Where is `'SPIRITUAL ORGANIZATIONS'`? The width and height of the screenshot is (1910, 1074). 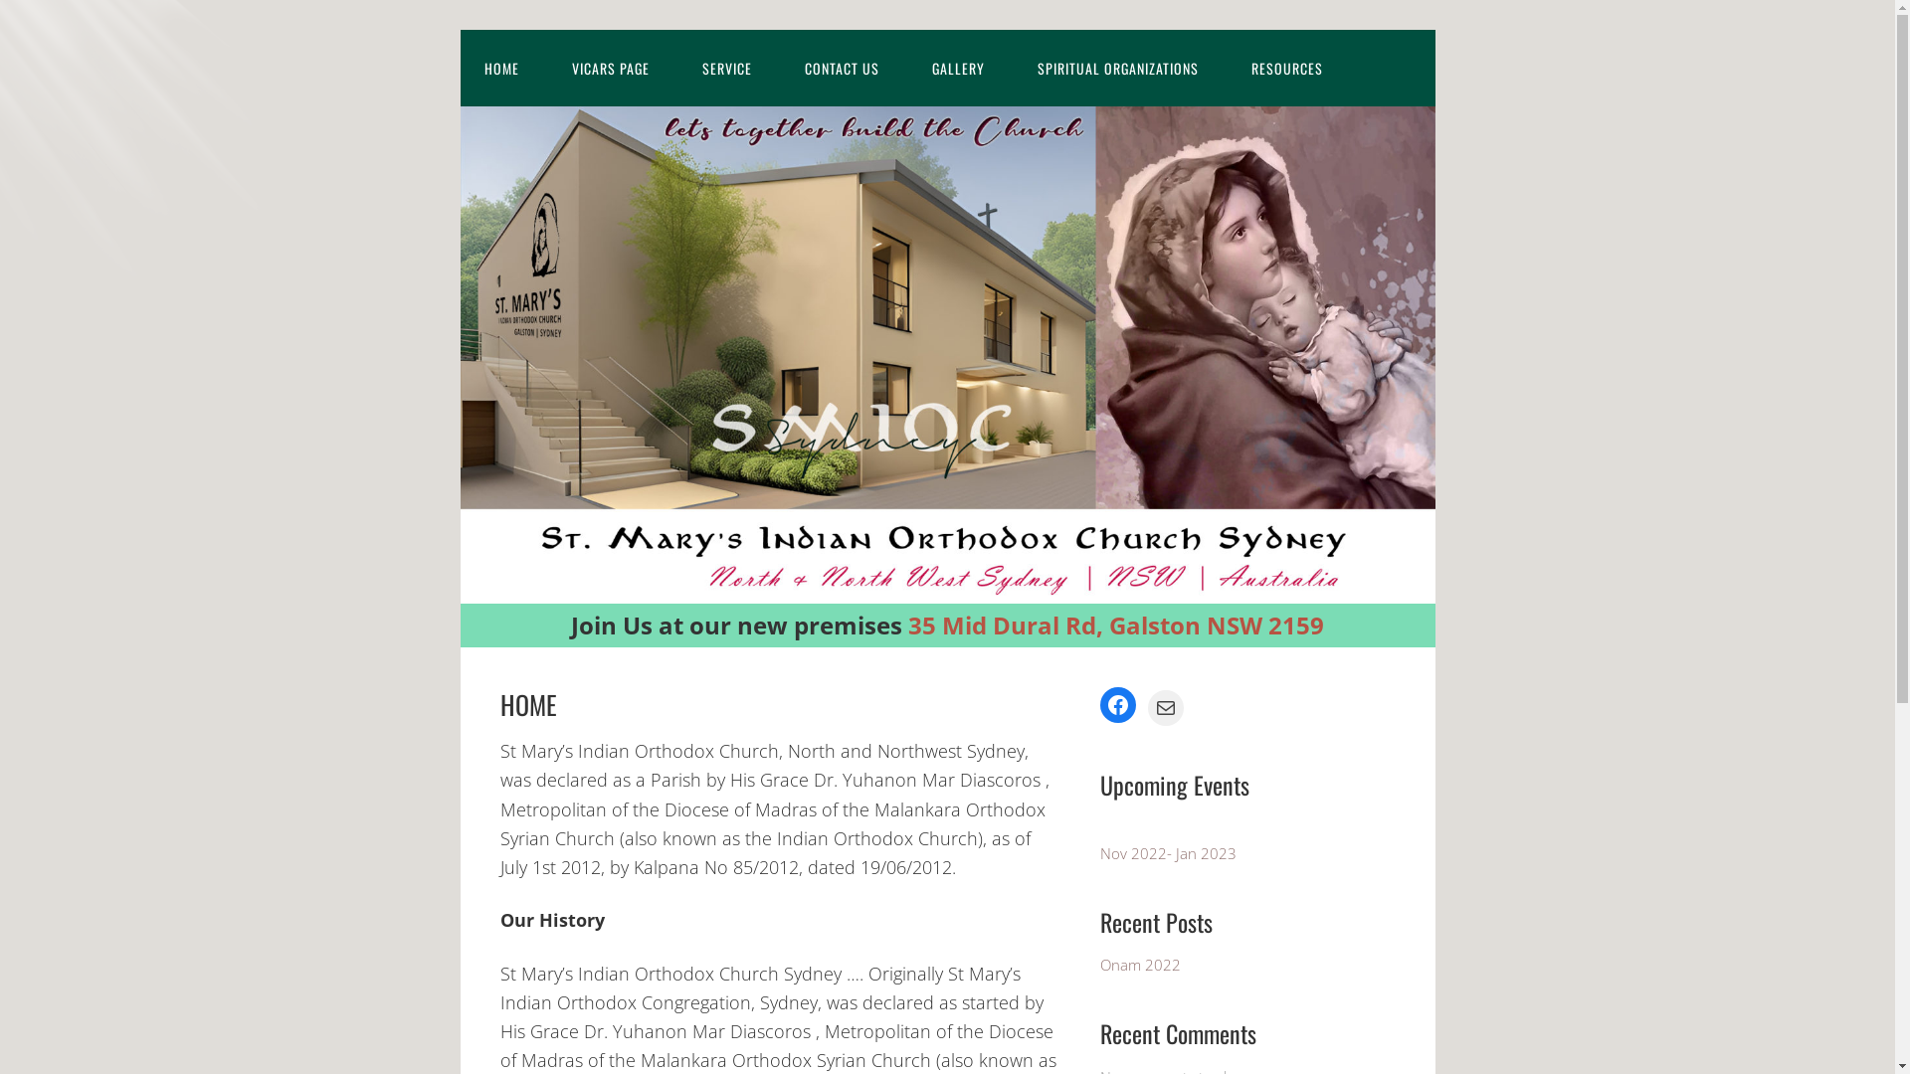 'SPIRITUAL ORGANIZATIONS' is located at coordinates (1117, 67).